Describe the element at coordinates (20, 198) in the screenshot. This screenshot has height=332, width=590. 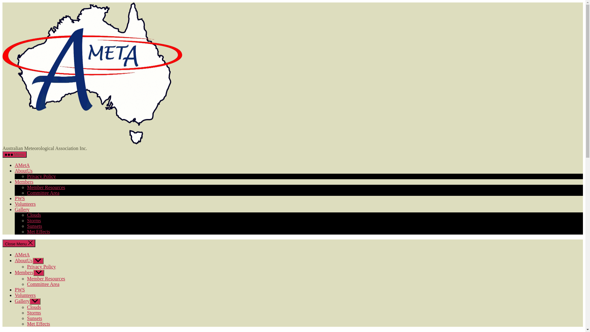
I see `'PWS'` at that location.